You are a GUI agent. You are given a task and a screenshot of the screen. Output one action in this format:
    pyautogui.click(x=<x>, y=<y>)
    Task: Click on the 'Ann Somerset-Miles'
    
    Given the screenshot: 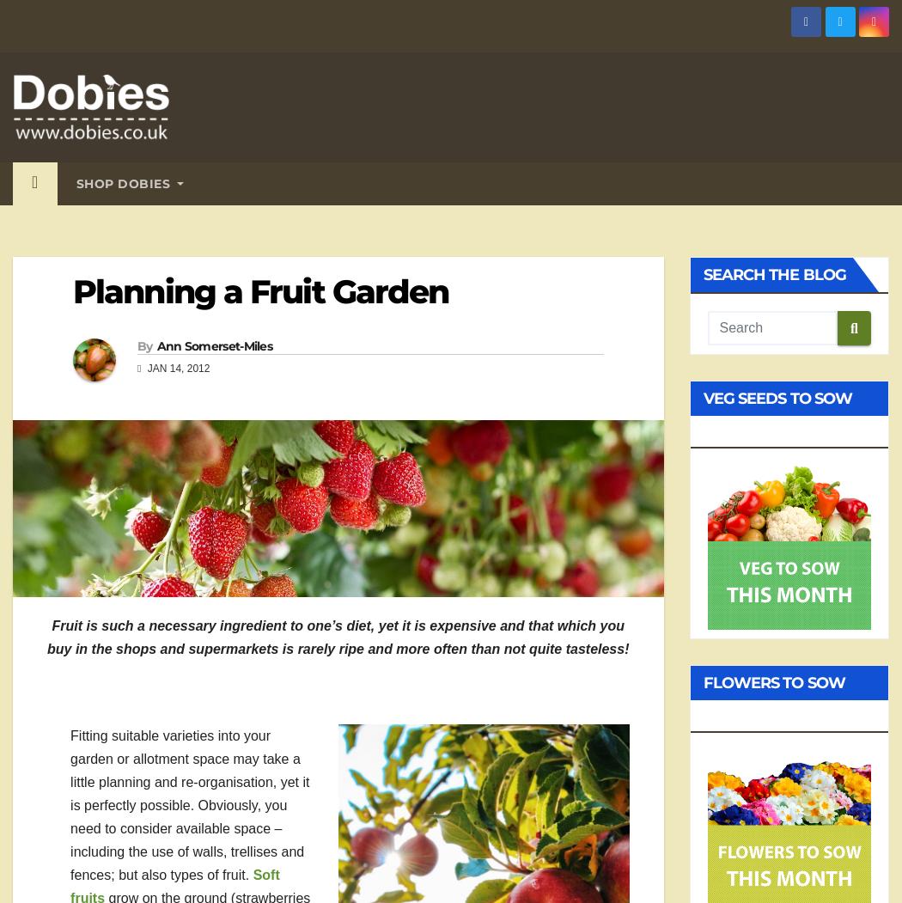 What is the action you would take?
    pyautogui.click(x=214, y=345)
    